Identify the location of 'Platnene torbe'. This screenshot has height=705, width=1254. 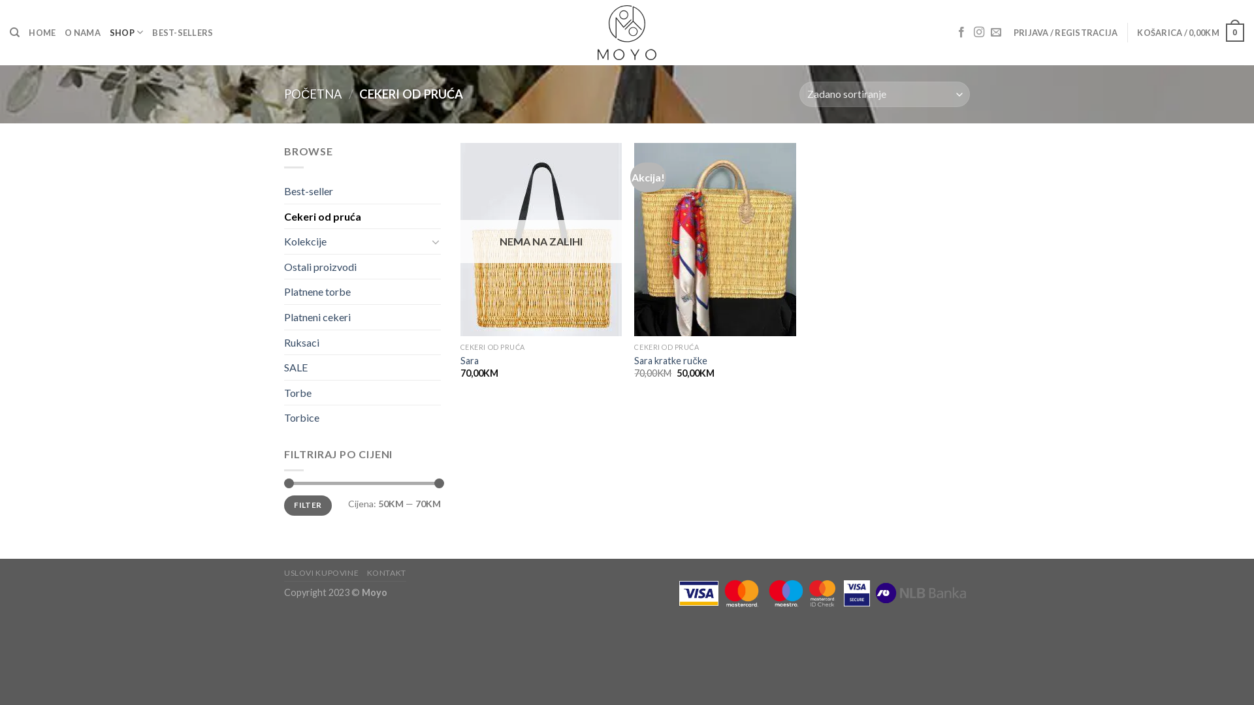
(283, 291).